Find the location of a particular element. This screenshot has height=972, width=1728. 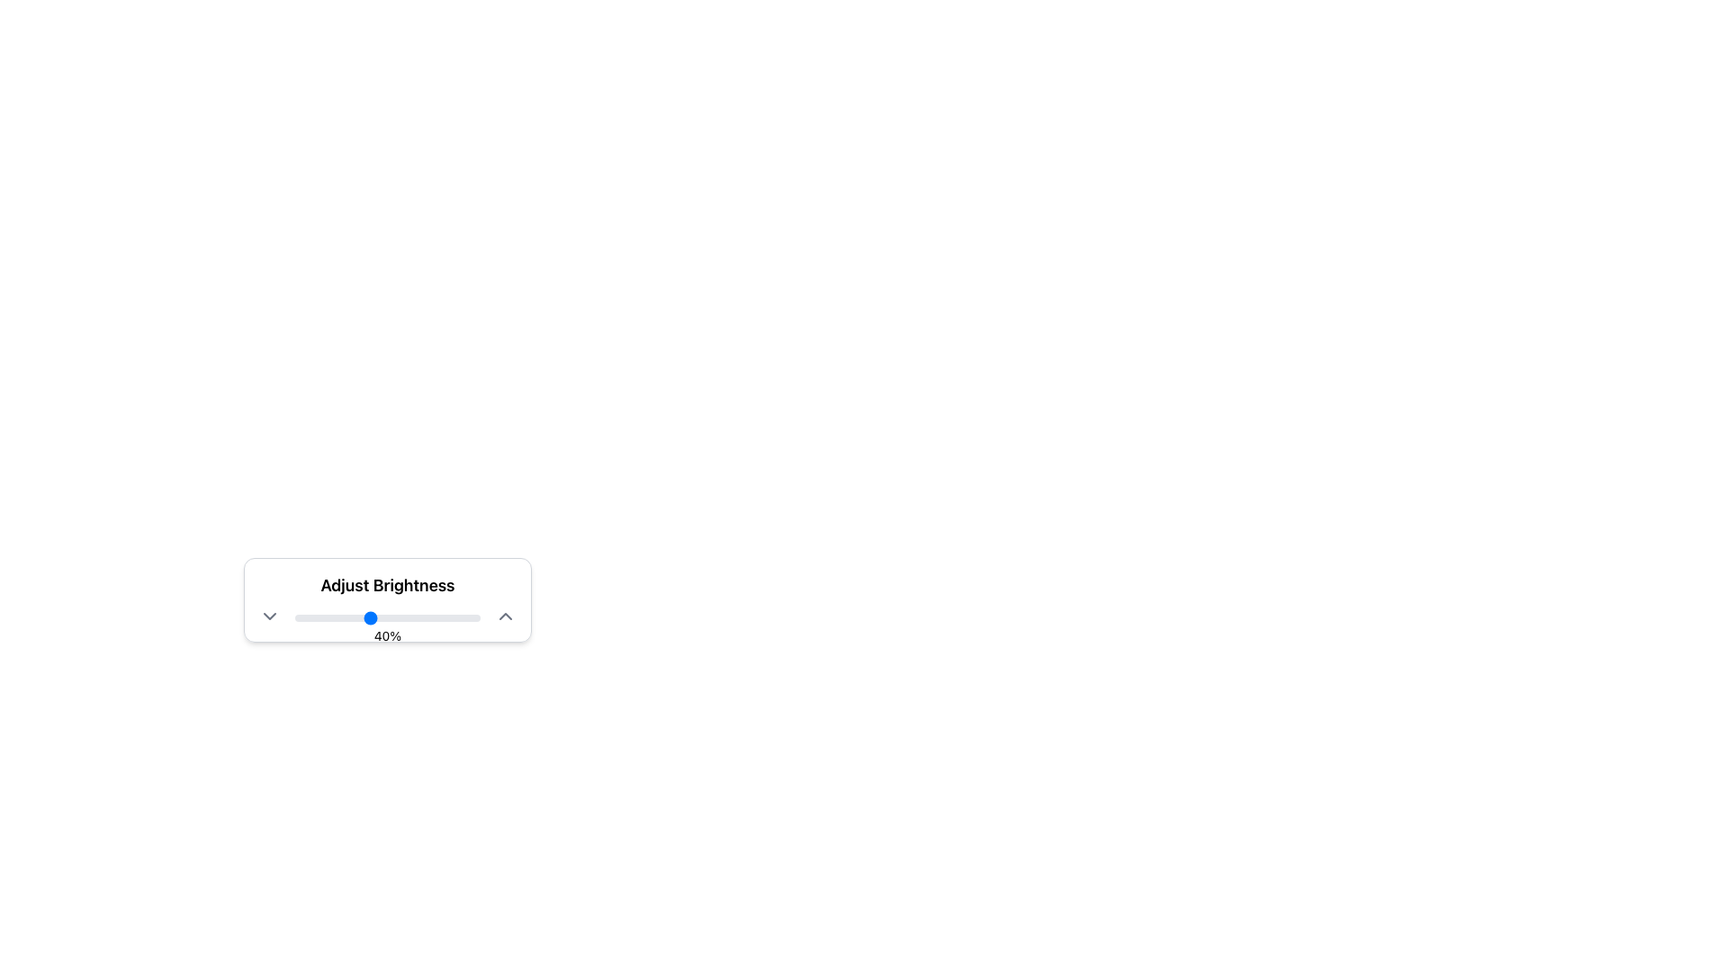

the brightness value is located at coordinates (370, 616).